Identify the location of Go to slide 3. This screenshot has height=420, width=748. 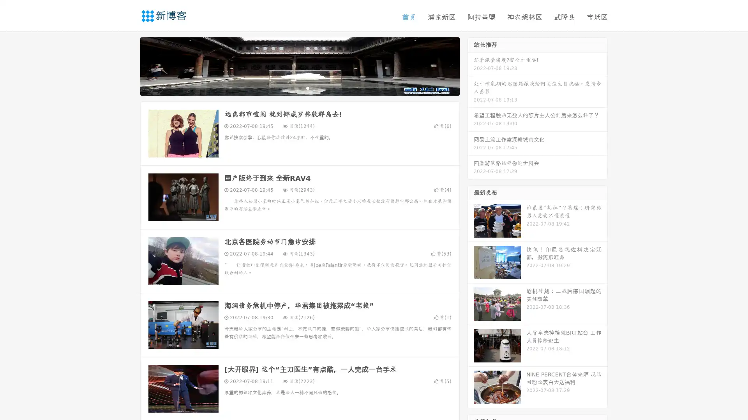
(307, 87).